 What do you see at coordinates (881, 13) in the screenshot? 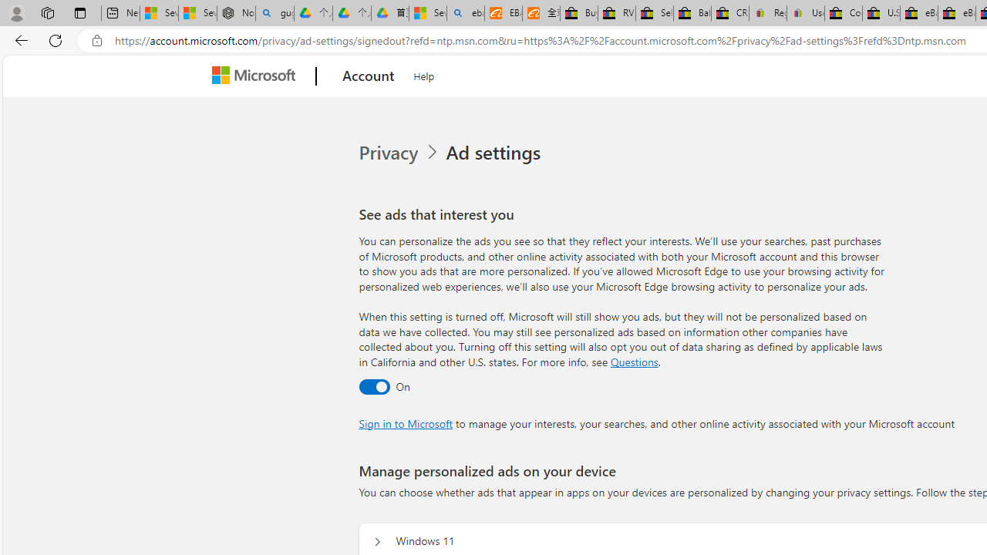
I see `'U.S. State Privacy Disclosures - eBay Inc.'` at bounding box center [881, 13].